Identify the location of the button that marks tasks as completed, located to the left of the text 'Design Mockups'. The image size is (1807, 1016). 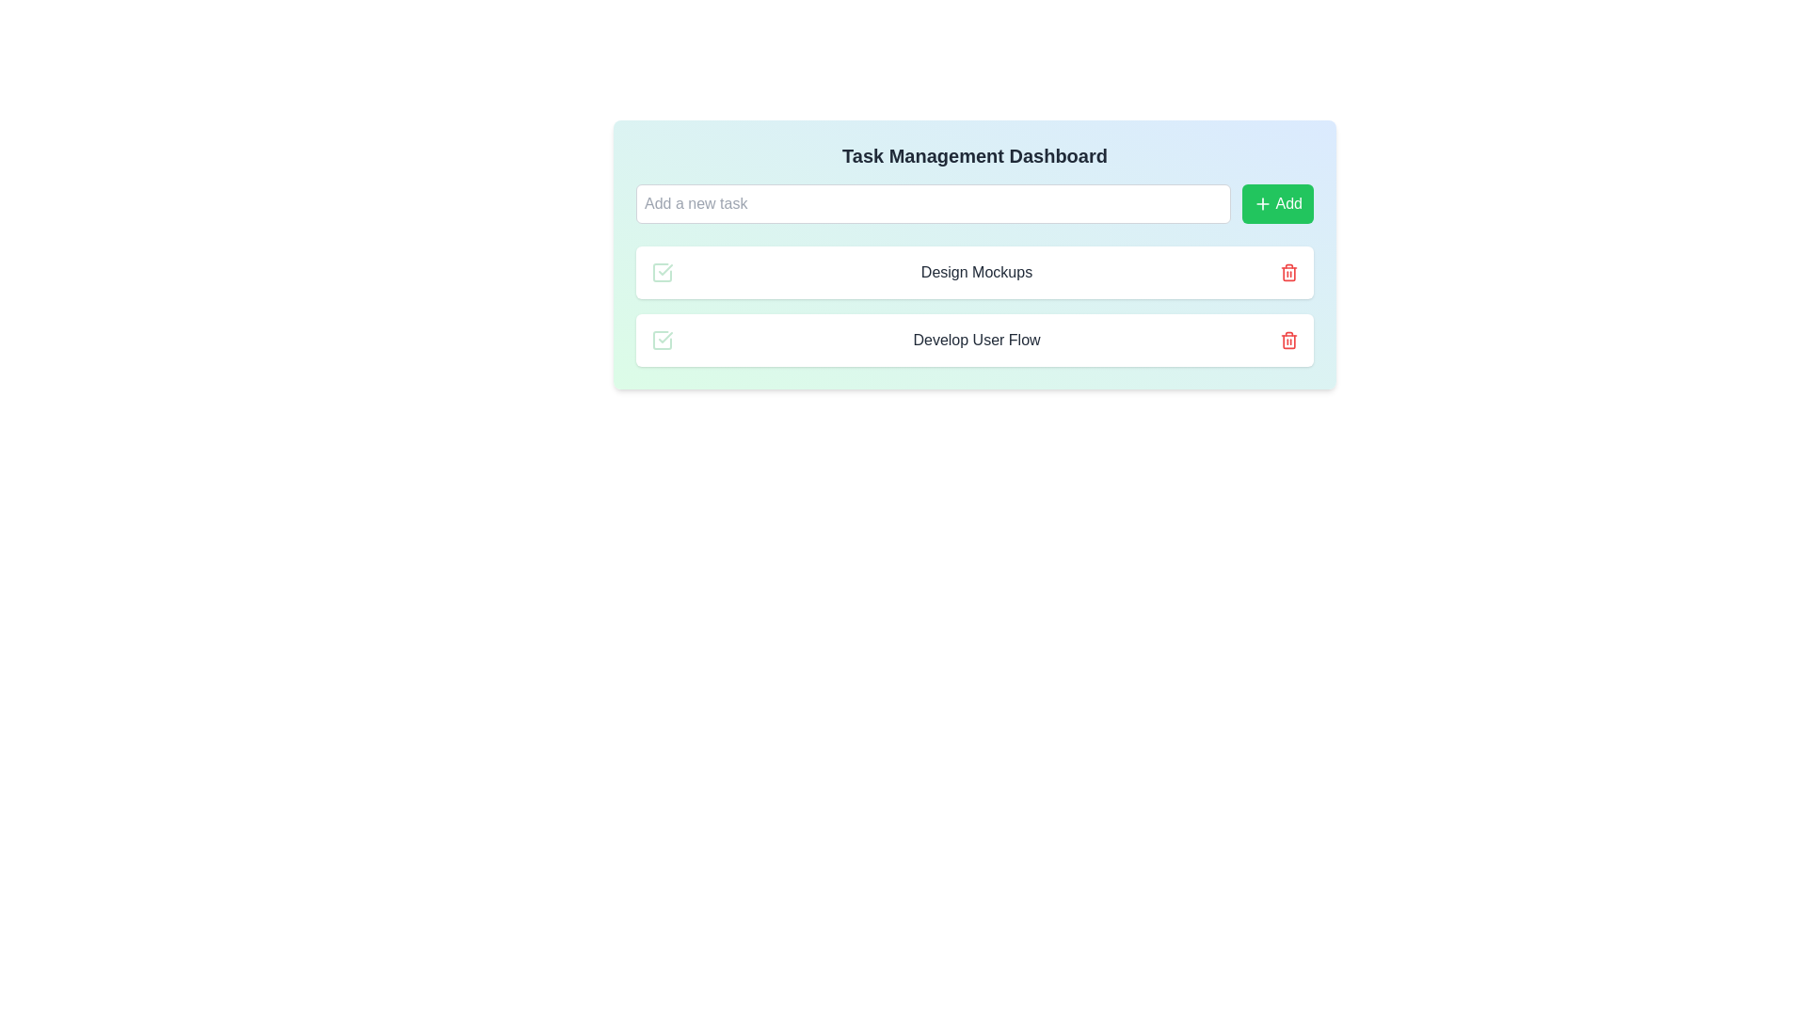
(663, 272).